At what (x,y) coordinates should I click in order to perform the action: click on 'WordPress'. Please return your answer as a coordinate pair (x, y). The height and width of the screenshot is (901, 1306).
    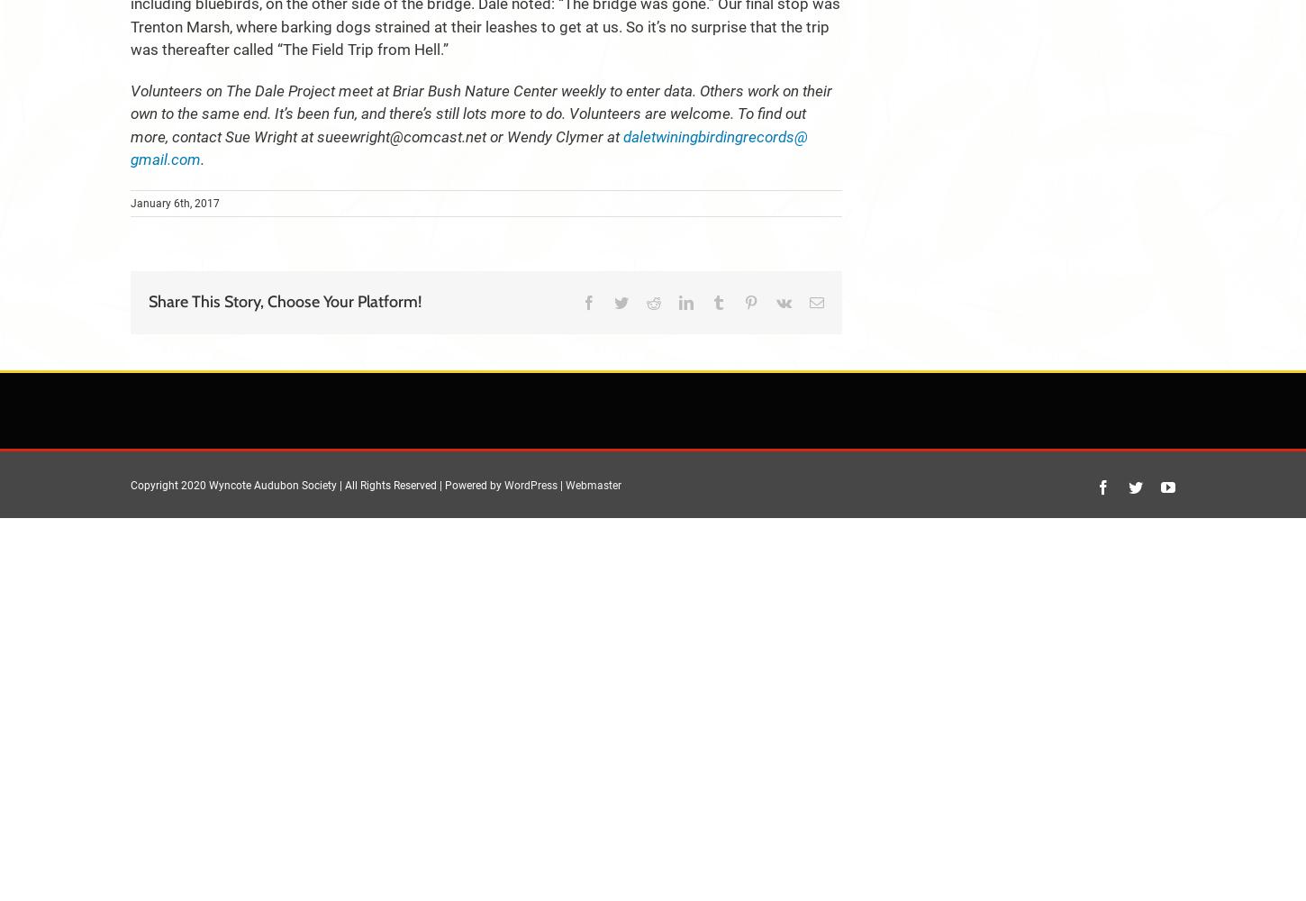
    Looking at the image, I should click on (531, 485).